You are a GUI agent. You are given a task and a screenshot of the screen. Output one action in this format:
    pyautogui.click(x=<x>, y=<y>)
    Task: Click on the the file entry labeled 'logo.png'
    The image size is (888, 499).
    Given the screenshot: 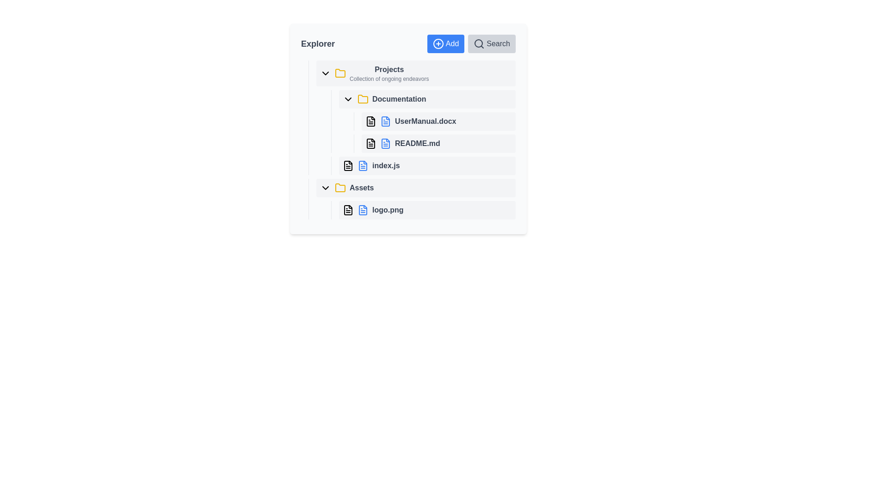 What is the action you would take?
    pyautogui.click(x=412, y=199)
    